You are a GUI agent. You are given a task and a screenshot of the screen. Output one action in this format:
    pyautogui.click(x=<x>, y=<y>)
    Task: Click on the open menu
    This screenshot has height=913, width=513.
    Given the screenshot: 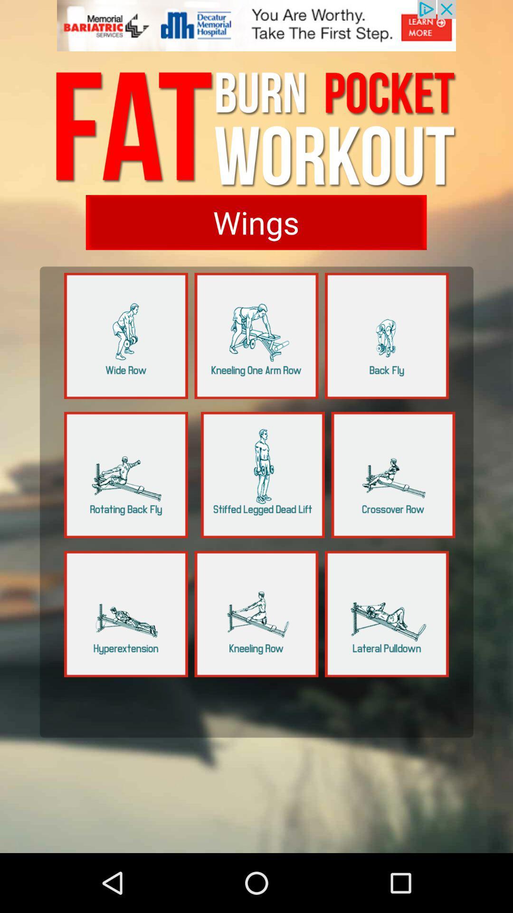 What is the action you would take?
    pyautogui.click(x=125, y=614)
    